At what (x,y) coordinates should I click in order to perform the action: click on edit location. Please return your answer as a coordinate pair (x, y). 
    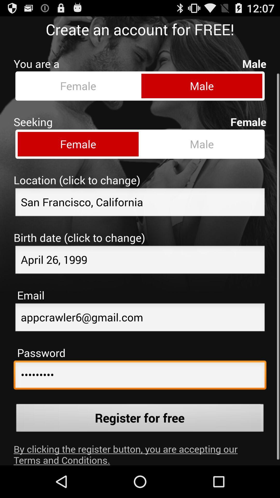
    Looking at the image, I should click on (140, 199).